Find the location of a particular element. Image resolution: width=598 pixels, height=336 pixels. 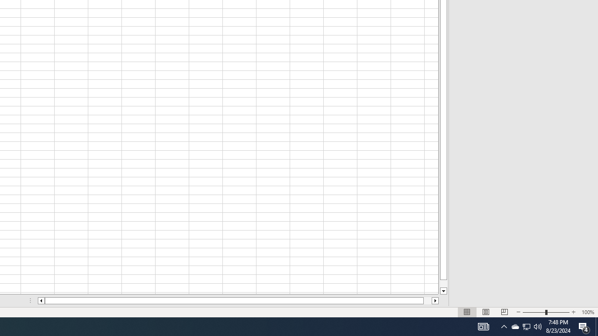

'Normal' is located at coordinates (467, 312).